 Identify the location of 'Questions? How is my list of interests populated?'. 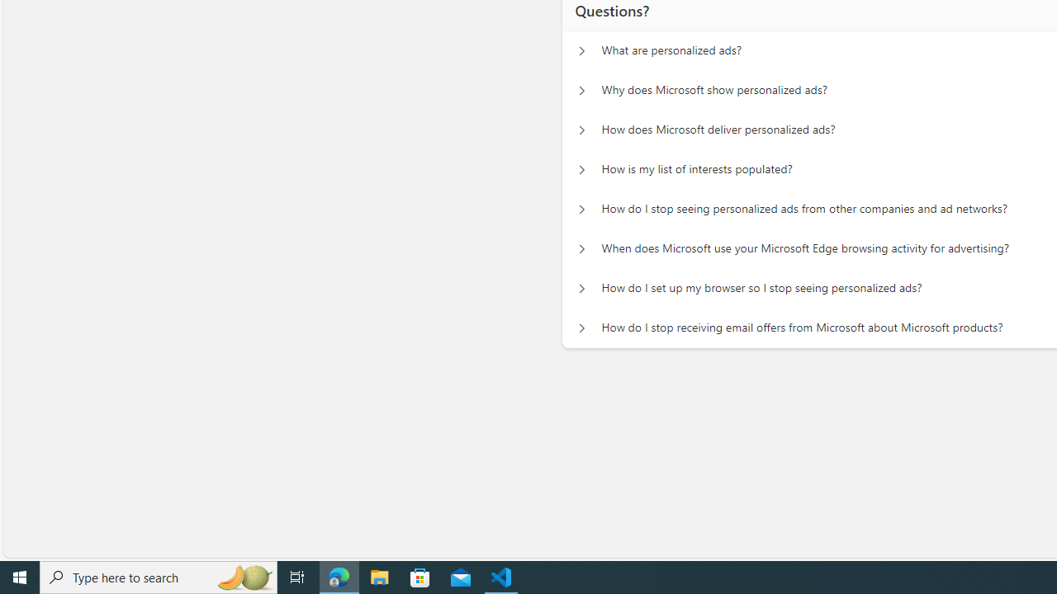
(581, 170).